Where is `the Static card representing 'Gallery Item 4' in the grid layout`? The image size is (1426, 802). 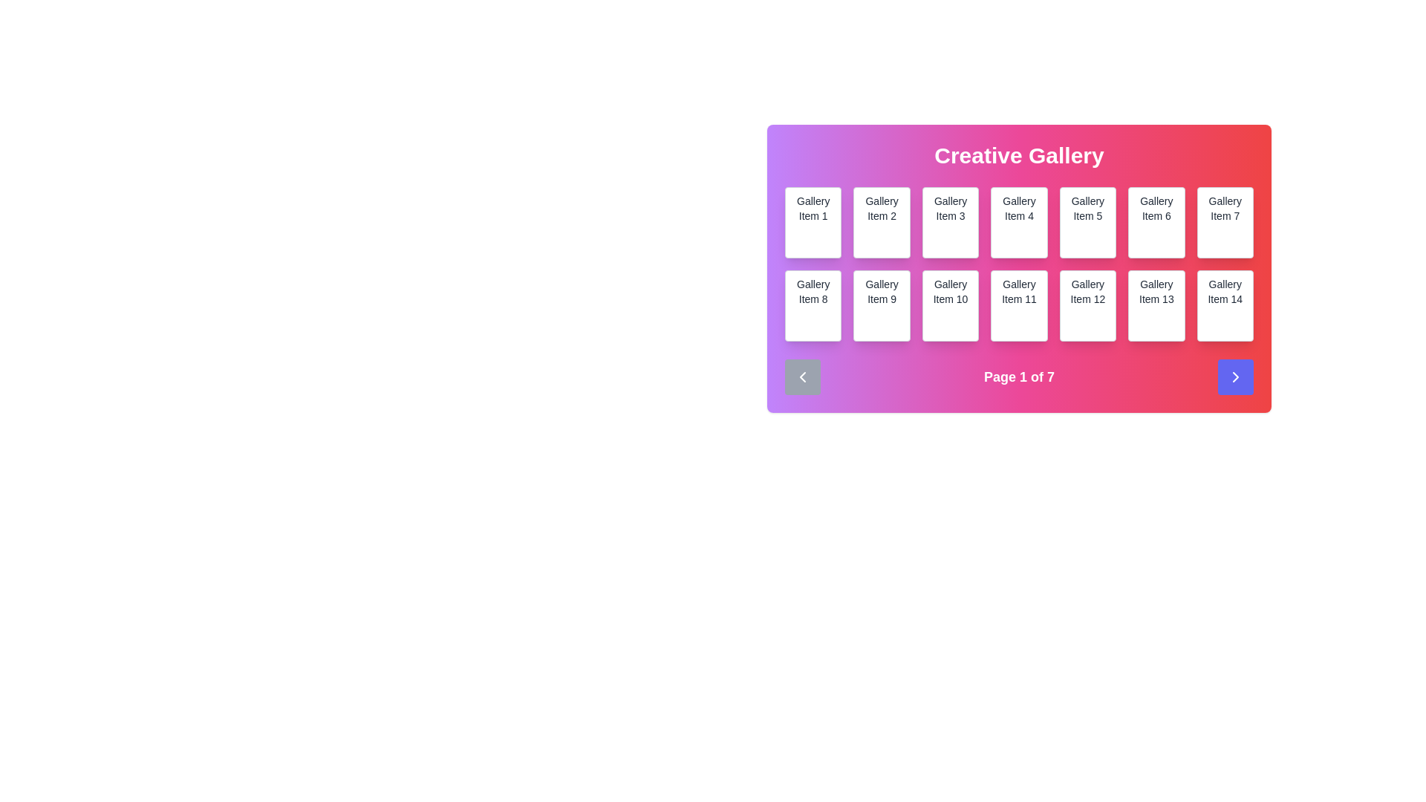
the Static card representing 'Gallery Item 4' in the grid layout is located at coordinates (1018, 223).